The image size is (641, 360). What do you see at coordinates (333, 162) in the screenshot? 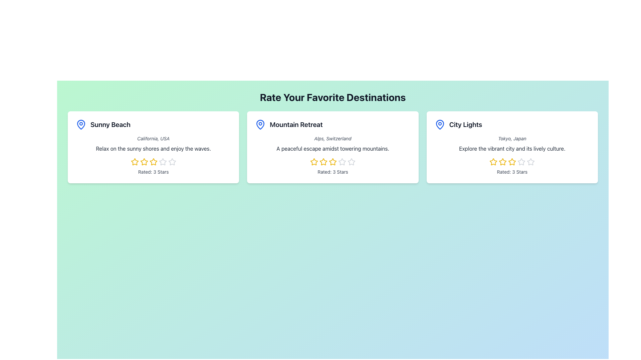
I see `the third interactive yellow star icon in the rating section of the 'Mountain Retreat' card` at bounding box center [333, 162].